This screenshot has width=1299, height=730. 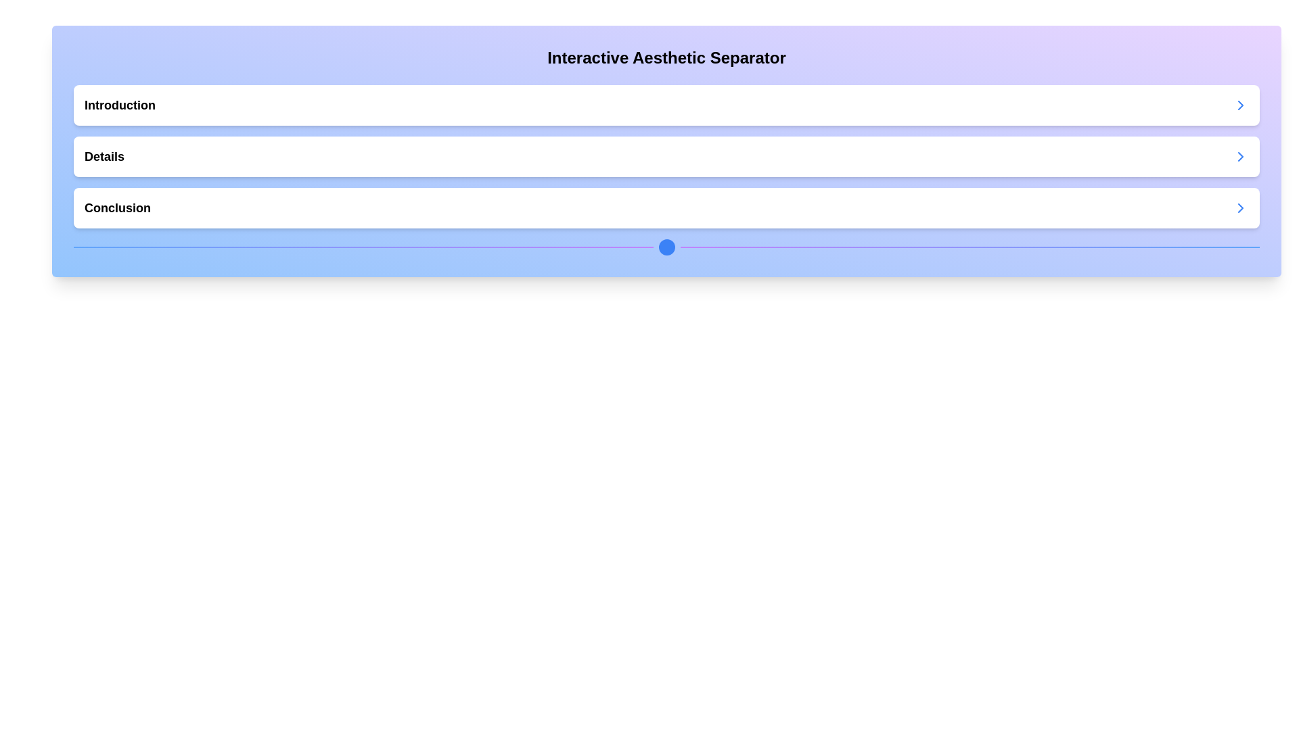 What do you see at coordinates (1240, 104) in the screenshot?
I see `the rightward-facing blue chevron icon adjacent to the 'Introduction' text` at bounding box center [1240, 104].